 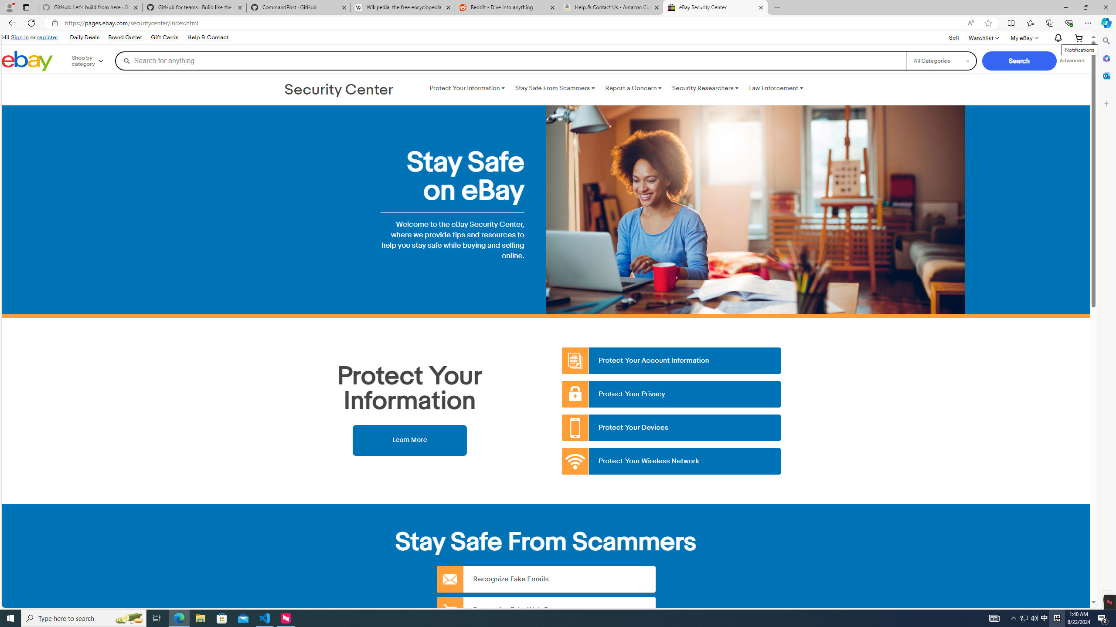 I want to click on 'Gift Cards', so click(x=164, y=37).